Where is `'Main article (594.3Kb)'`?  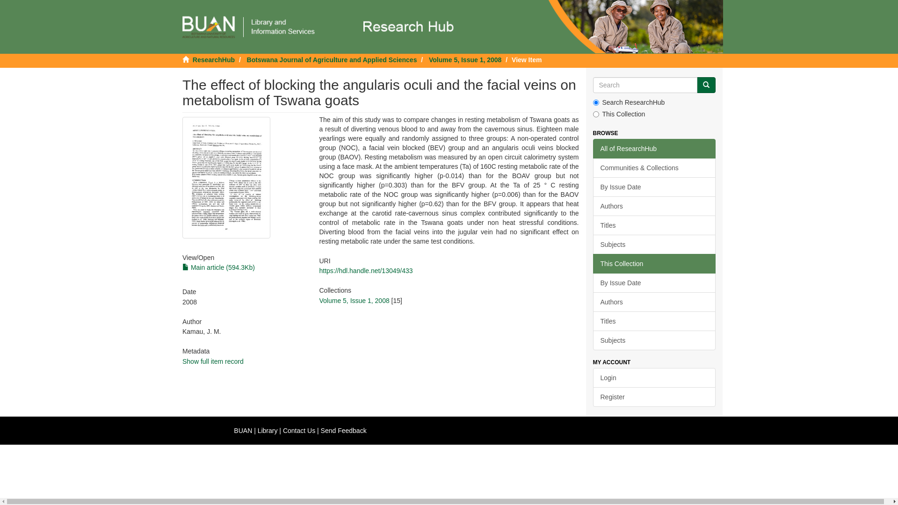
'Main article (594.3Kb)' is located at coordinates (218, 267).